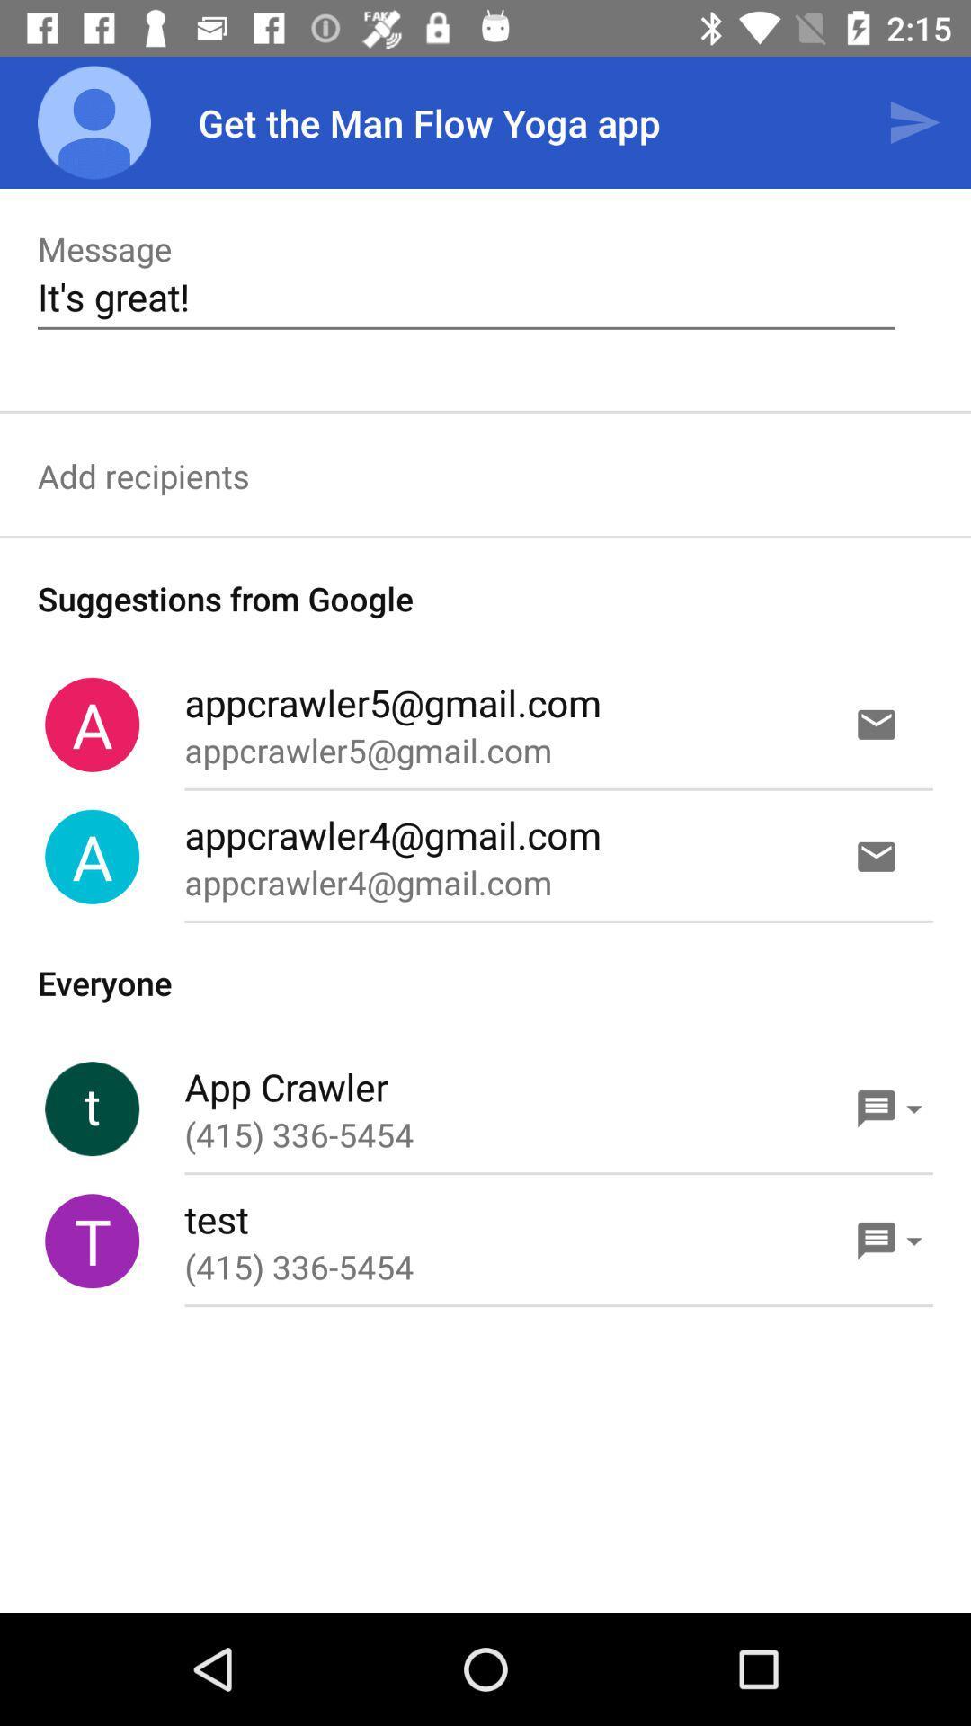 The width and height of the screenshot is (971, 1726). Describe the element at coordinates (914, 121) in the screenshot. I see `app next to get the man` at that location.